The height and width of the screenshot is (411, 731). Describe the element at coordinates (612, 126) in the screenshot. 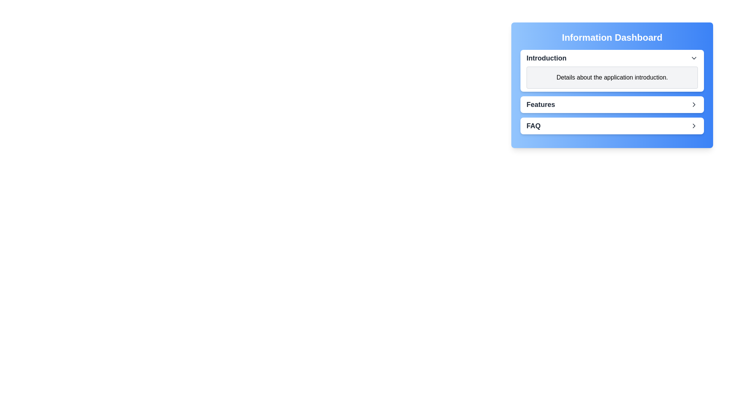

I see `the 'FAQ' interactive list item, which is the last option` at that location.